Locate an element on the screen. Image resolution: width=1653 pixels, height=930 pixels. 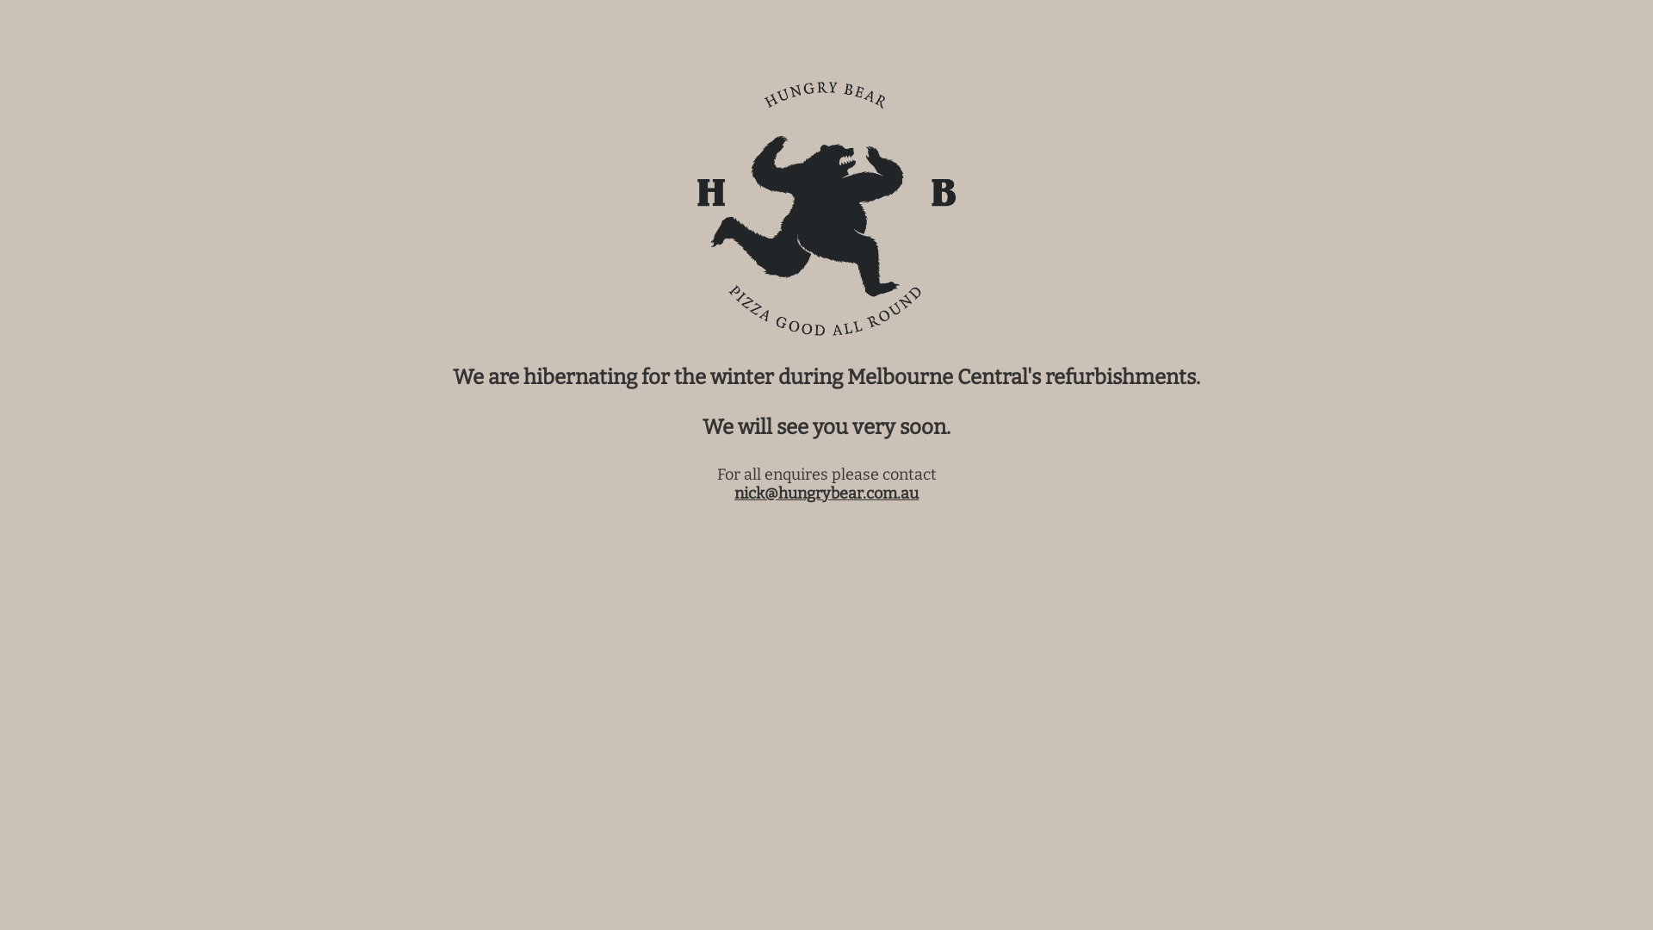
'nick@hungrybear.com.au' is located at coordinates (826, 493).